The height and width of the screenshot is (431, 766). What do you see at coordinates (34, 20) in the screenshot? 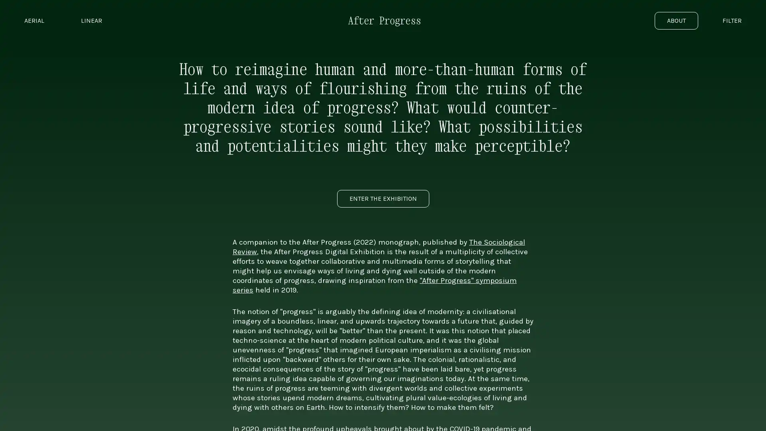
I see `AERIAL` at bounding box center [34, 20].